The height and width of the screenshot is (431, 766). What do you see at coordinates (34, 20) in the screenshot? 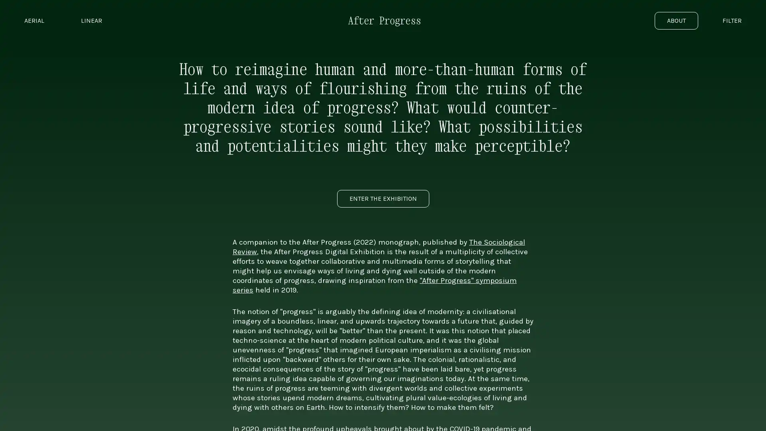
I see `AERIAL` at bounding box center [34, 20].